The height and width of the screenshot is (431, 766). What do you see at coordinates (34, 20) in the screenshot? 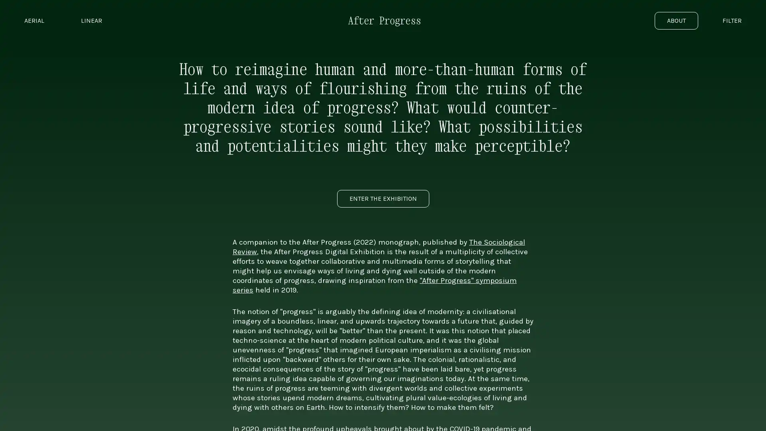
I see `AERIAL` at bounding box center [34, 20].